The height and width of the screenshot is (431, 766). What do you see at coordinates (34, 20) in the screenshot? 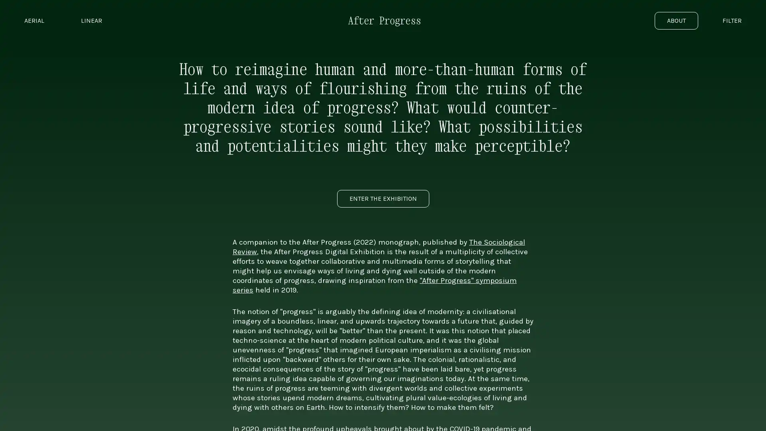
I see `AERIAL` at bounding box center [34, 20].